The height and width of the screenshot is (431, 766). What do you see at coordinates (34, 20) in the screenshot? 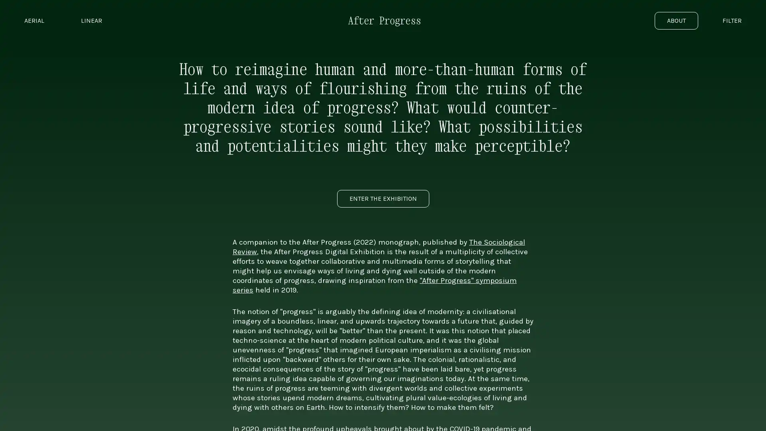
I see `AERIAL` at bounding box center [34, 20].